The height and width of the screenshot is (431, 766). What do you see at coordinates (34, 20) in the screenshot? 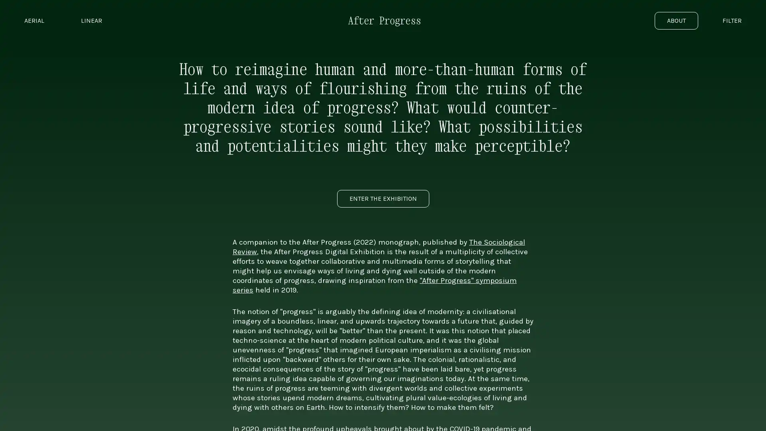
I see `AERIAL` at bounding box center [34, 20].